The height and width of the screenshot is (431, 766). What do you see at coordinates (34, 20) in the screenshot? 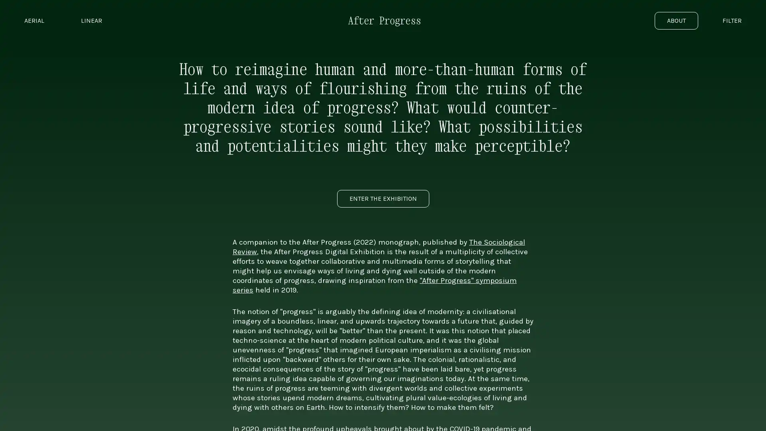
I see `AERIAL` at bounding box center [34, 20].